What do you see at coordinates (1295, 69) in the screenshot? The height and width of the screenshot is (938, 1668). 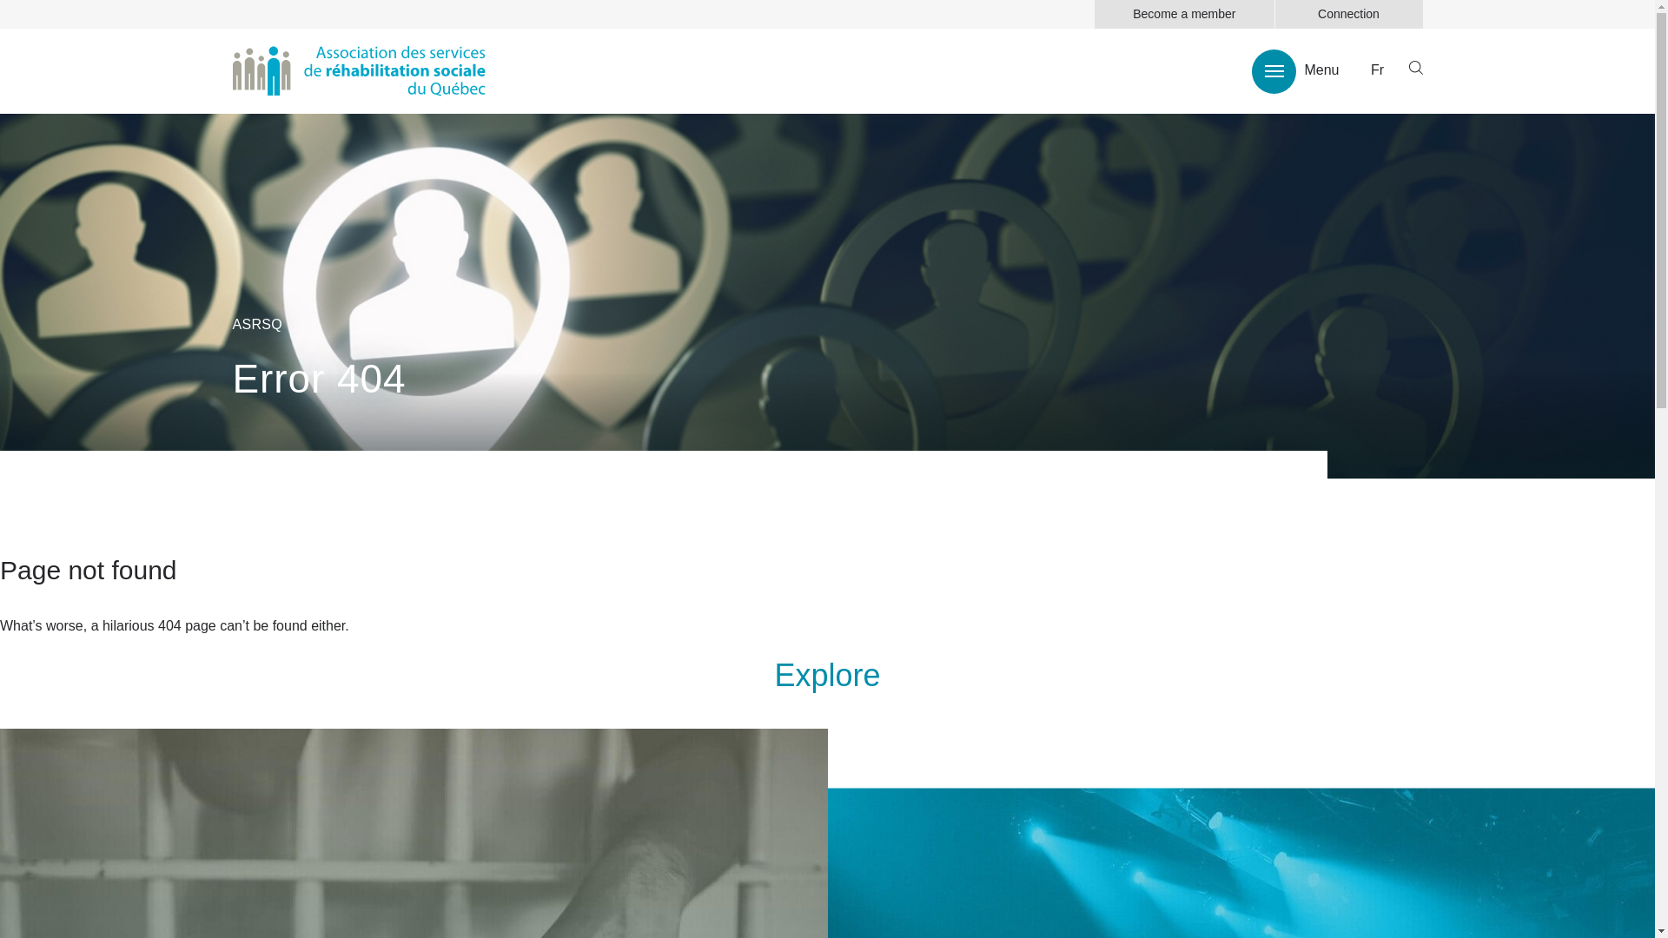 I see `'Menu'` at bounding box center [1295, 69].